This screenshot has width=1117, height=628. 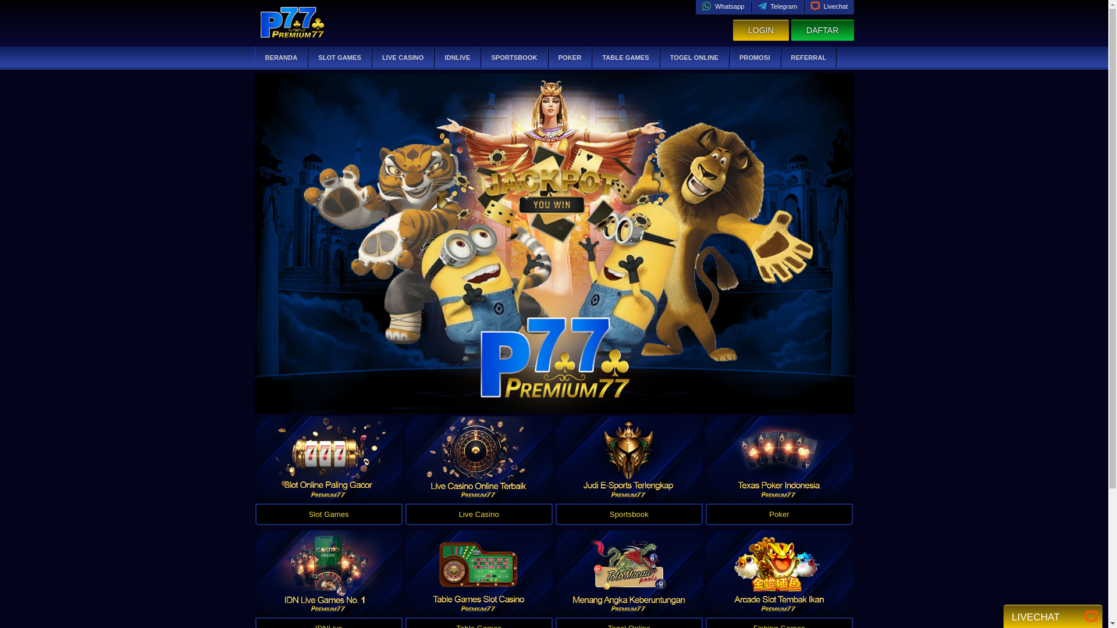 What do you see at coordinates (513, 58) in the screenshot?
I see `'SPORTSBOOK'` at bounding box center [513, 58].